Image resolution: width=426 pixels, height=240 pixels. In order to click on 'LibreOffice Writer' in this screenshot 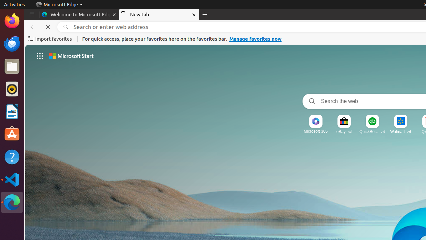, I will do `click(12, 111)`.